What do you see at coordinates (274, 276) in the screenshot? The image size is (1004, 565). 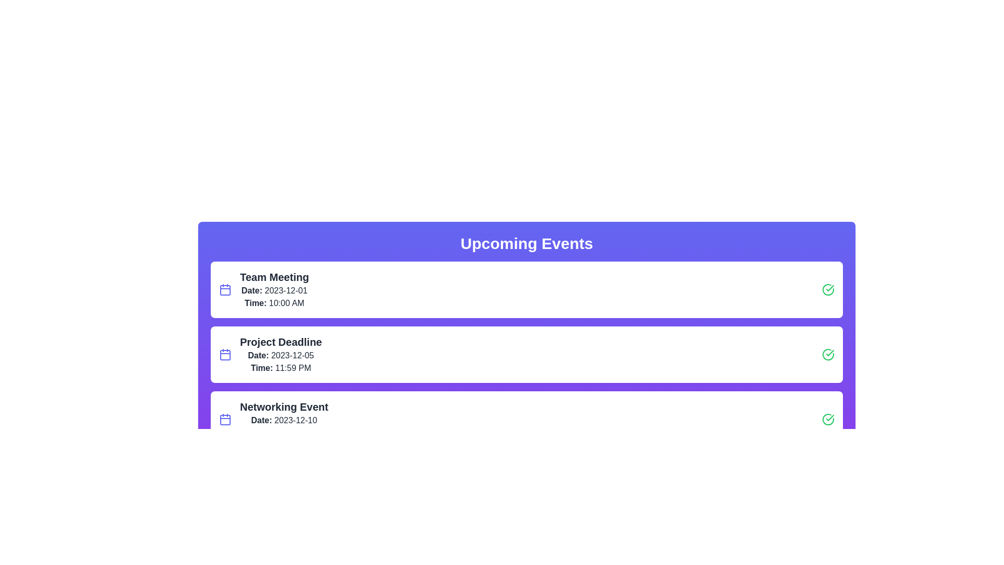 I see `the text label displaying 'Team Meeting' which is located at the top left corner of the content block in the 'Upcoming Events' section` at bounding box center [274, 276].